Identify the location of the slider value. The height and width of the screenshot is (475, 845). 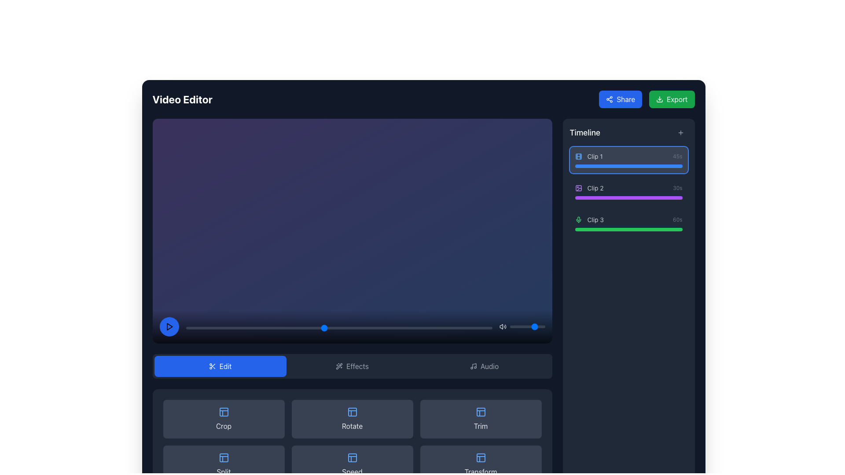
(528, 326).